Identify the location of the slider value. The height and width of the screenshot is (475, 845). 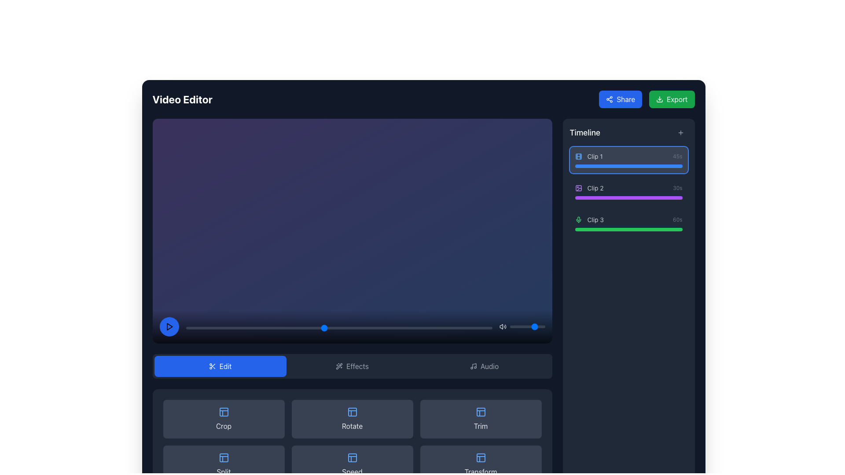
(528, 326).